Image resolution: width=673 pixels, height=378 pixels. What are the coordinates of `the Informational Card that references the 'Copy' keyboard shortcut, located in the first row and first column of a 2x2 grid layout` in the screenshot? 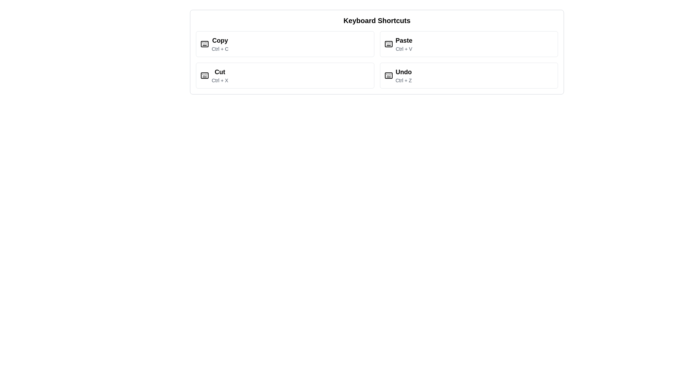 It's located at (285, 44).